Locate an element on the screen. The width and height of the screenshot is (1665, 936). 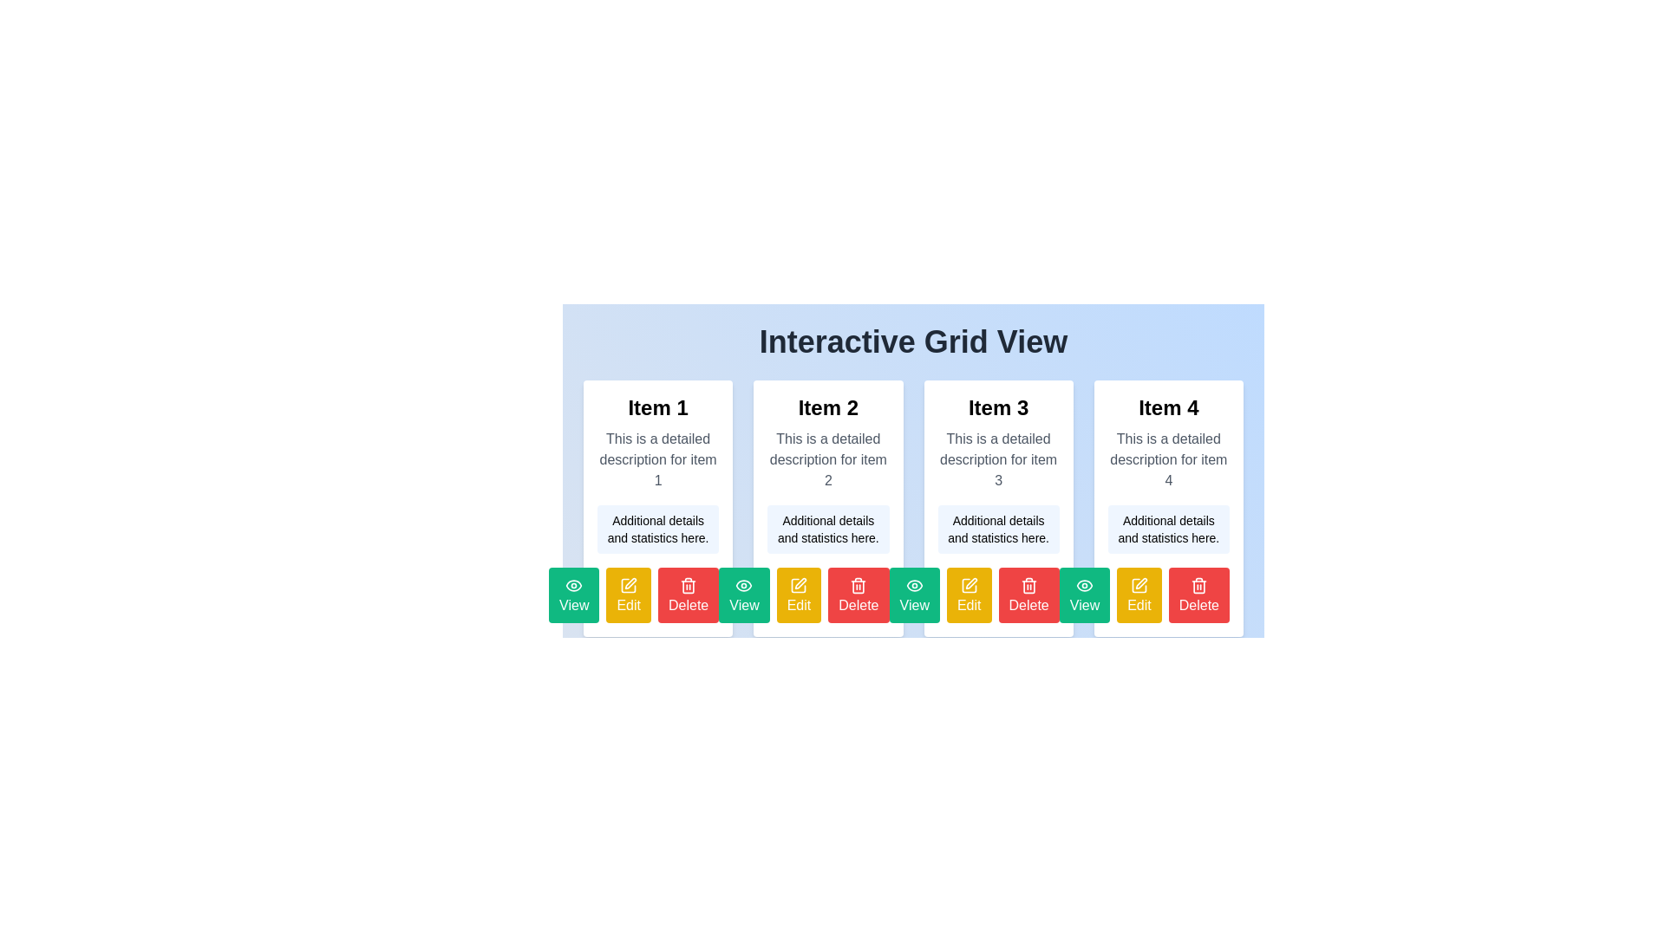
the 'Delete' button located on the second card in the second row of the grid layout is located at coordinates (827, 785).